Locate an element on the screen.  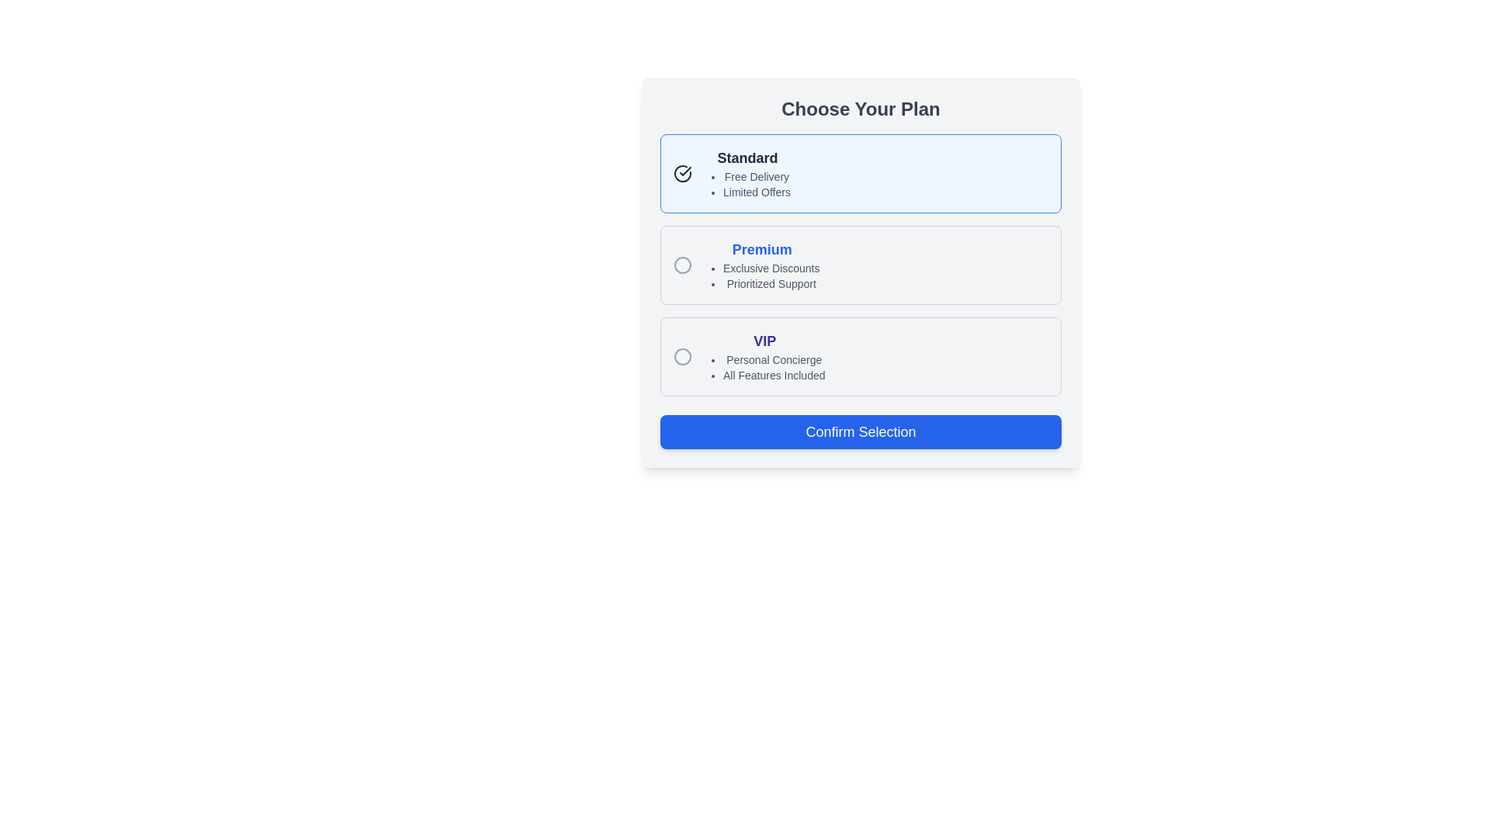
the circular radio button with a gray outline located to the left of the 'Premium' plan option text is located at coordinates (682, 265).